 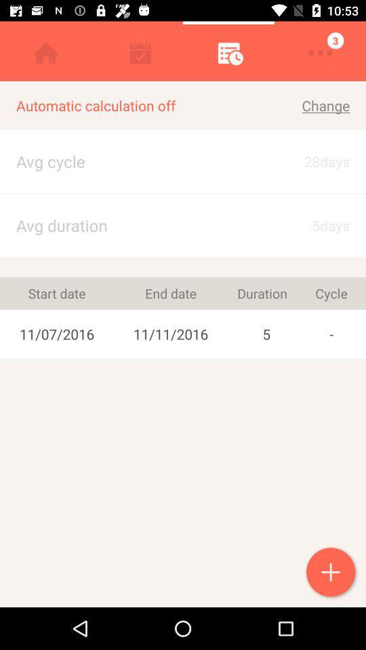 I want to click on the 5 icon, so click(x=266, y=333).